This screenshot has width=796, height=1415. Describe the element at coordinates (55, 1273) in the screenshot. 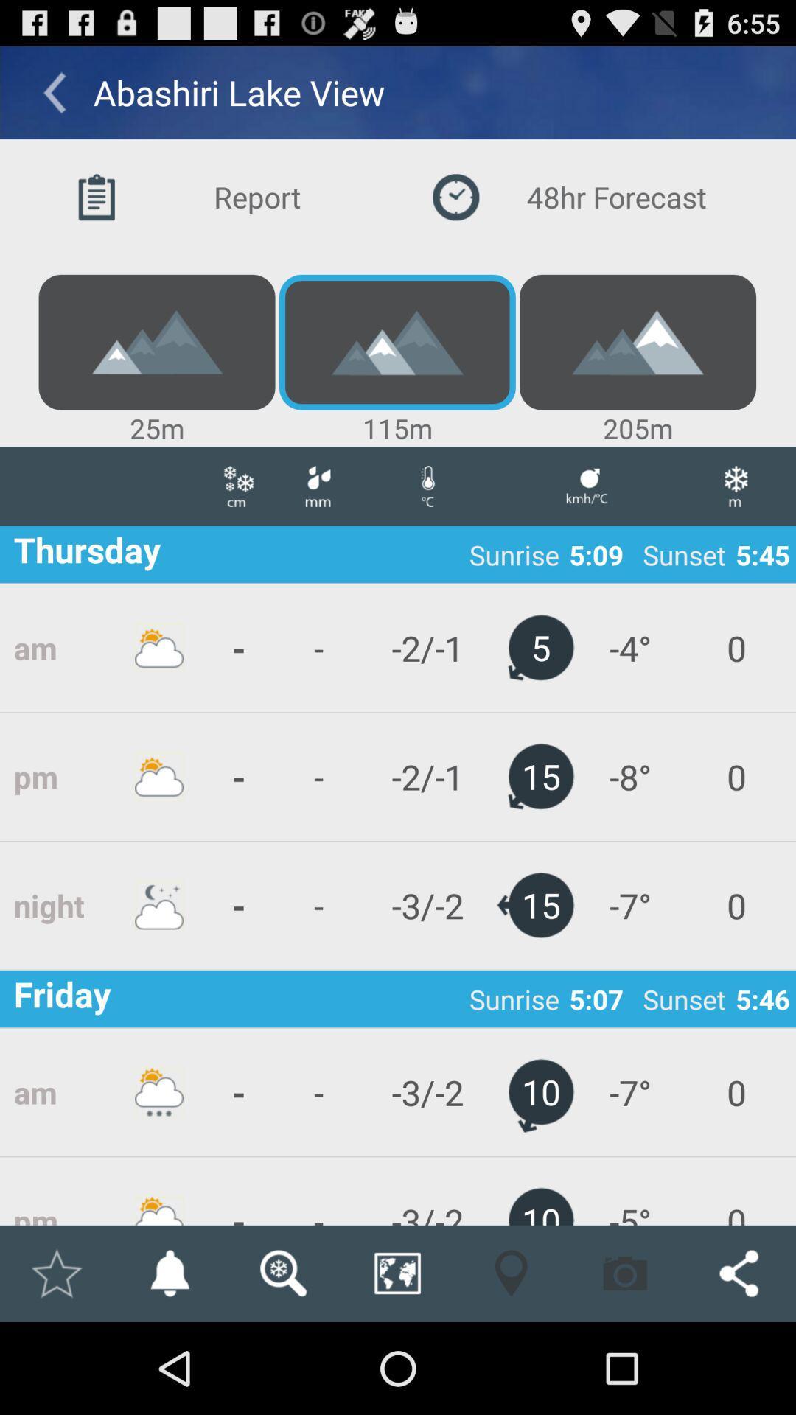

I see `the item below the pm item` at that location.